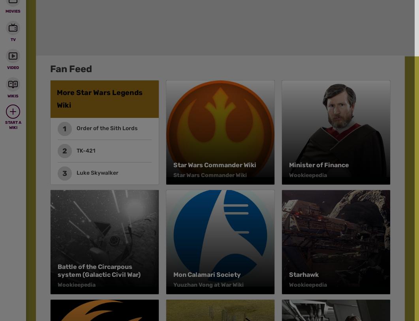  Describe the element at coordinates (45, 49) in the screenshot. I see `'Fanatical'` at that location.